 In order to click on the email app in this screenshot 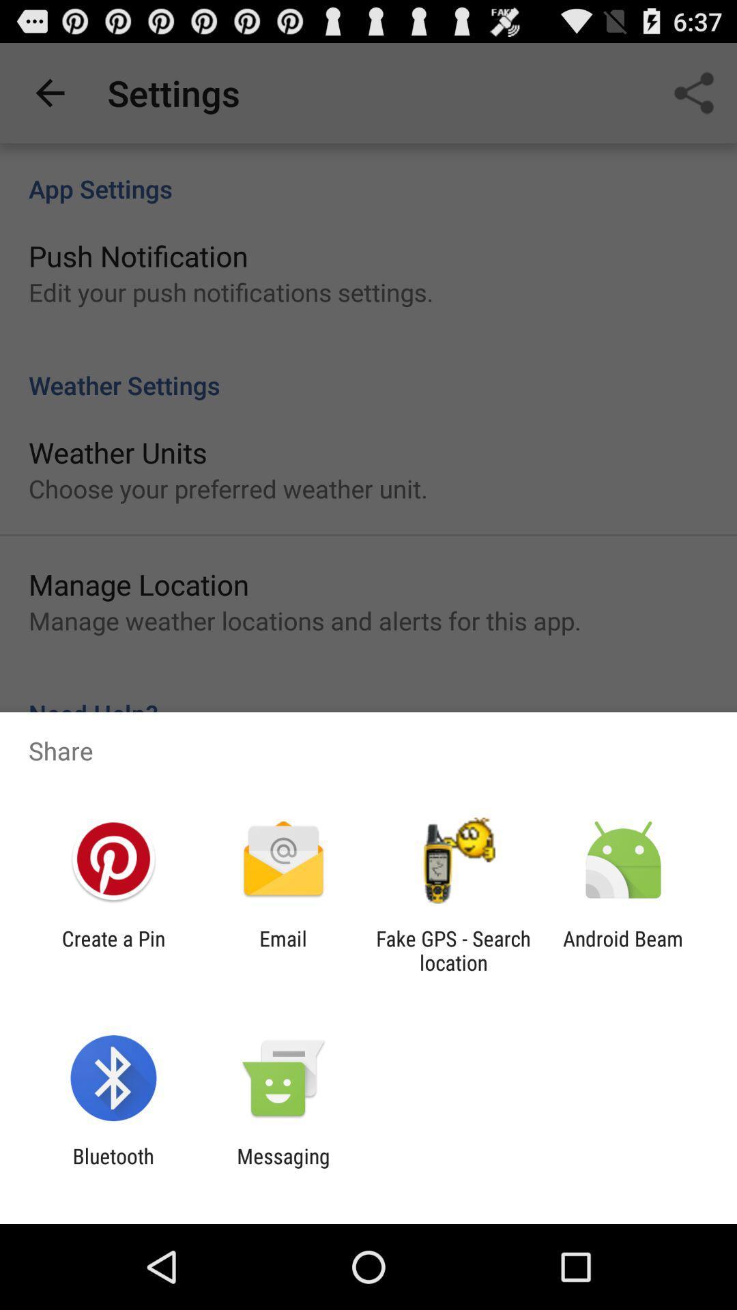, I will do `click(283, 950)`.